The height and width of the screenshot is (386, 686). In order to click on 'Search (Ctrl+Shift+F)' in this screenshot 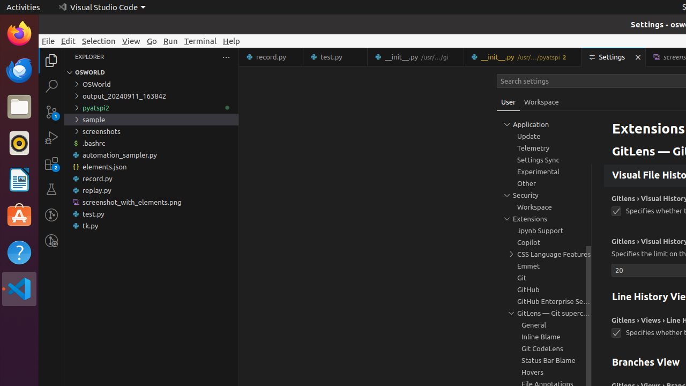, I will do `click(51, 85)`.